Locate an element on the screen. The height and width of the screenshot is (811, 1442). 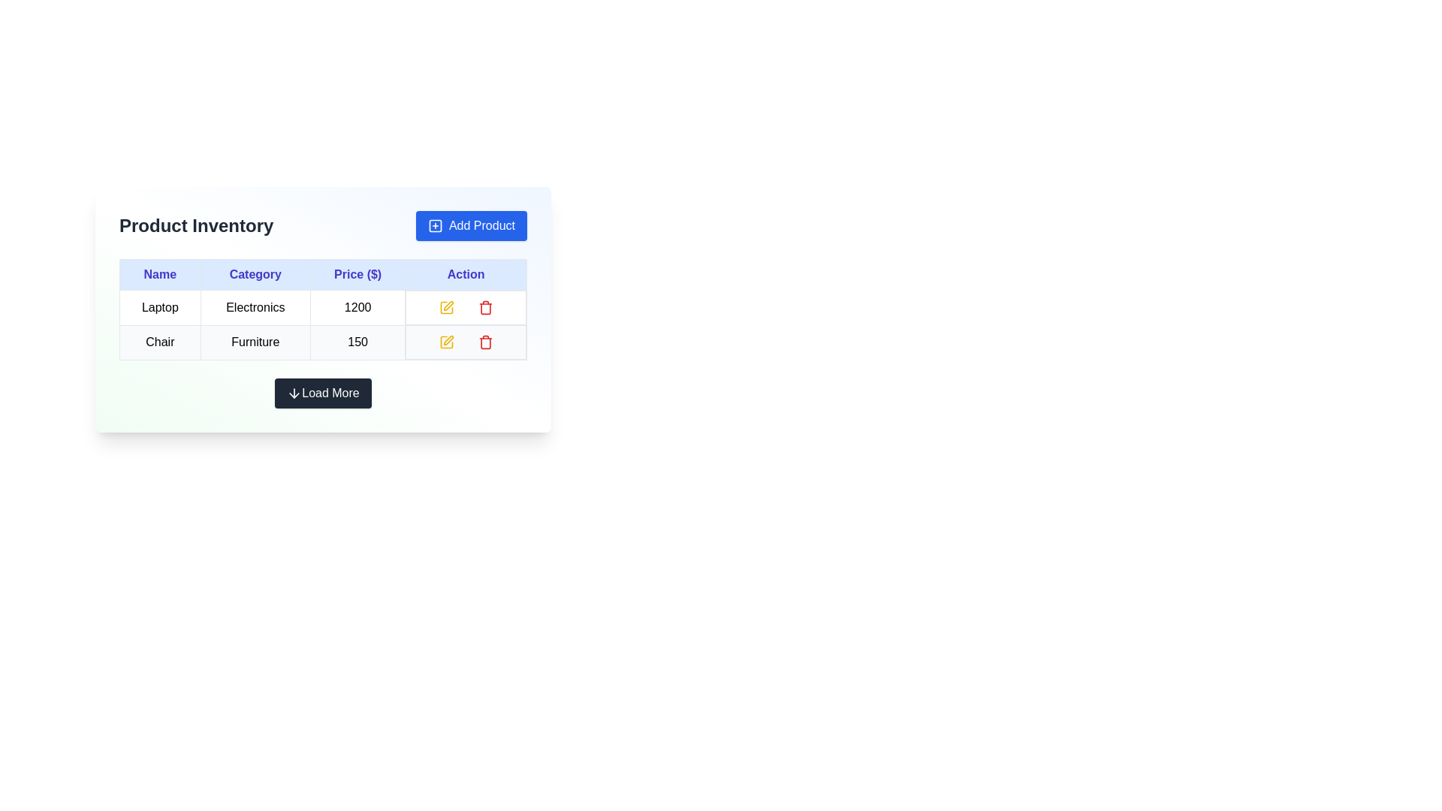
numerical value '150' displayed in the table cell located in the second row and third column under the 'Price ($)' header, adjacent to 'Furniture' category labeled 'Chair' is located at coordinates (357, 342).